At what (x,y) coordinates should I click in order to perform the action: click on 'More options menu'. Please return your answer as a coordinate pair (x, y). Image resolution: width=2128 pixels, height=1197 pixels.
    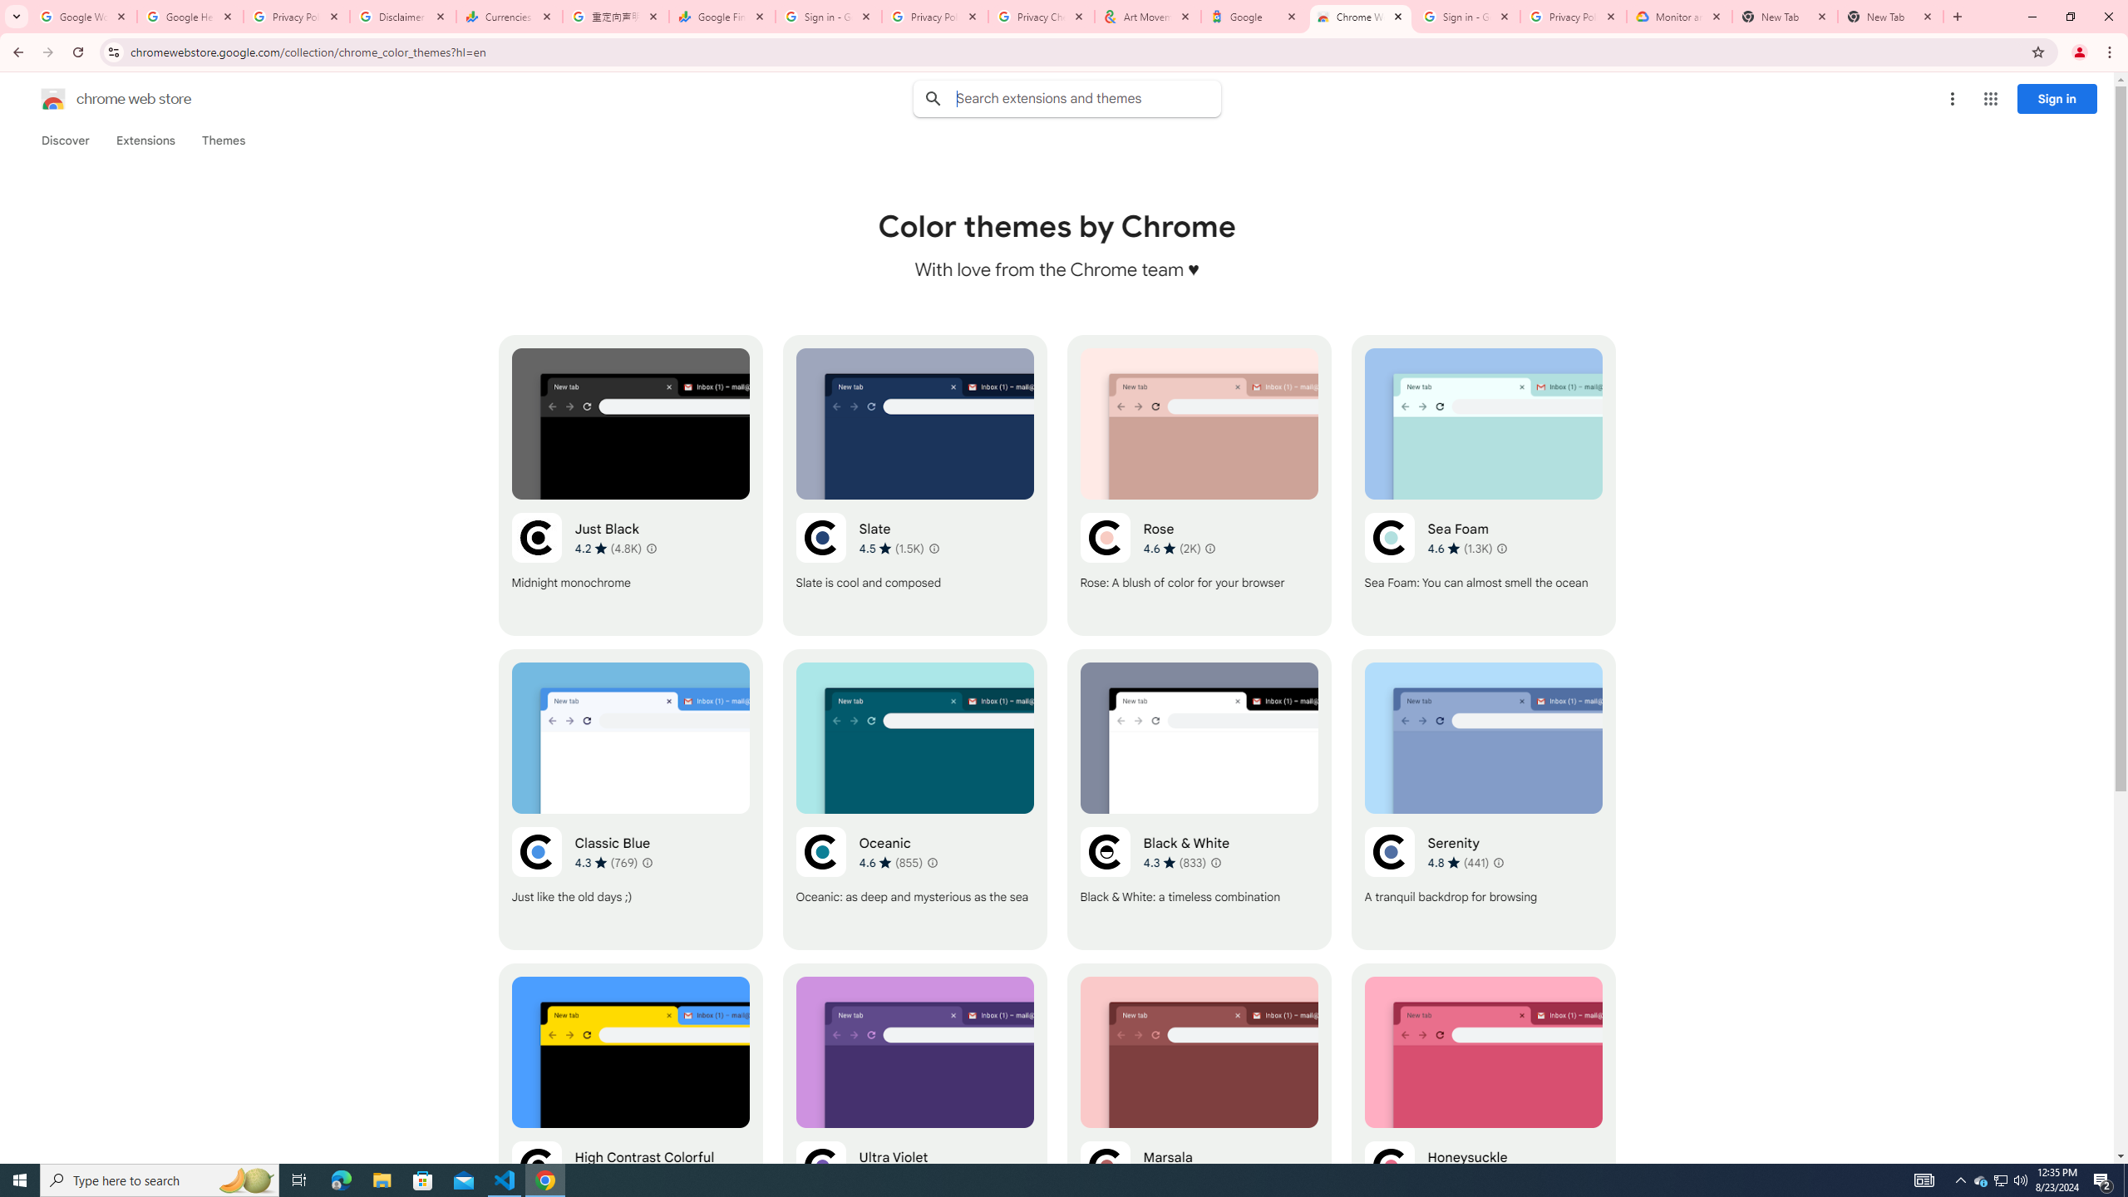
    Looking at the image, I should click on (1952, 98).